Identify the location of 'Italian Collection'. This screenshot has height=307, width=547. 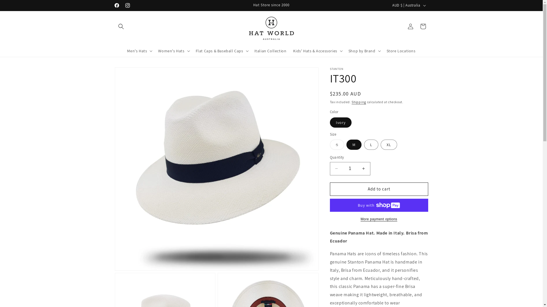
(270, 50).